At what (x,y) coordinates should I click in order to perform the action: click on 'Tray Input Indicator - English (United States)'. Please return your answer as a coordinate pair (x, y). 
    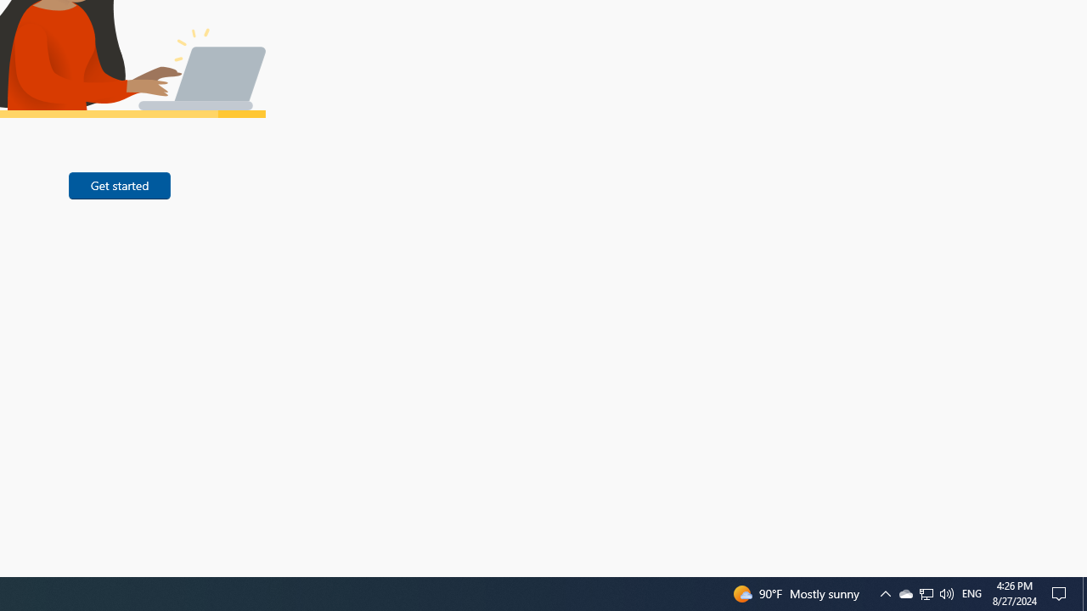
    Looking at the image, I should click on (972, 592).